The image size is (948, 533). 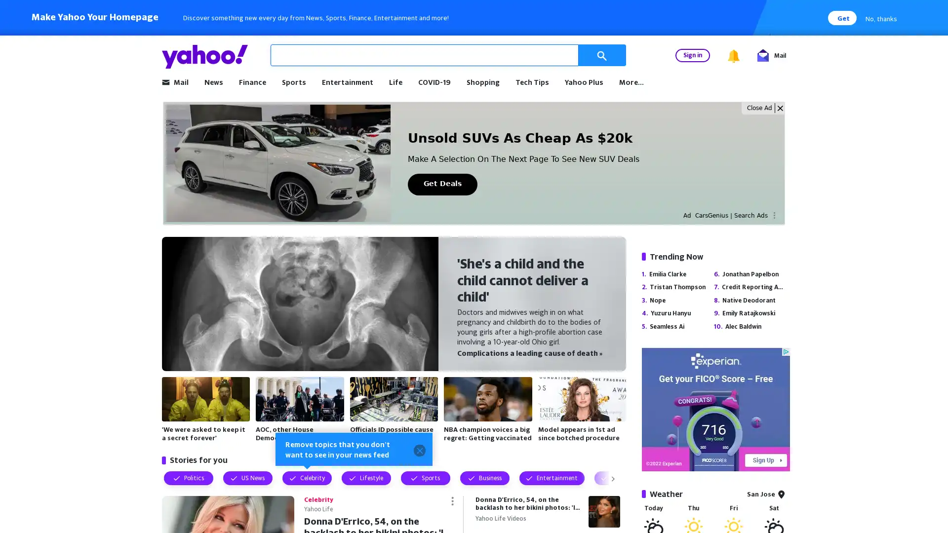 I want to click on Search, so click(x=601, y=55).